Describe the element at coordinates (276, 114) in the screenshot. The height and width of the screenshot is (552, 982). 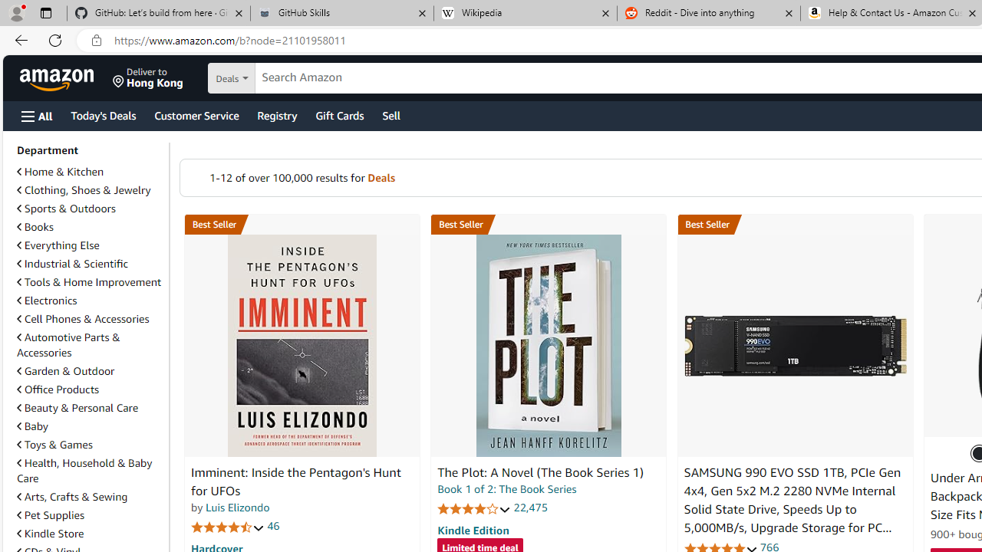
I see `'Registry'` at that location.